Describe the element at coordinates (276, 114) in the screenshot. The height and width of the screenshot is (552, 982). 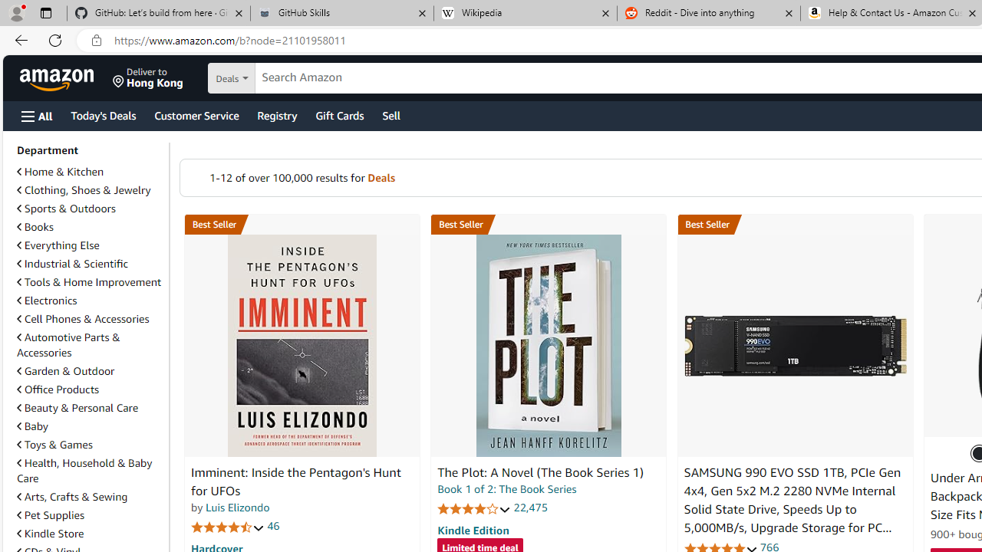
I see `'Registry'` at that location.